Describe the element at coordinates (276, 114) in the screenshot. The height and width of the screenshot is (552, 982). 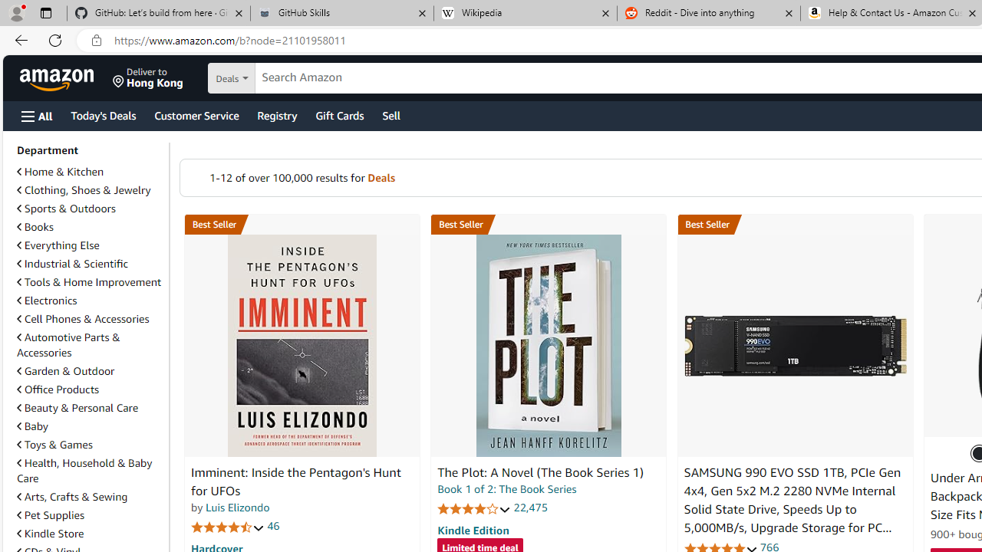
I see `'Registry'` at that location.